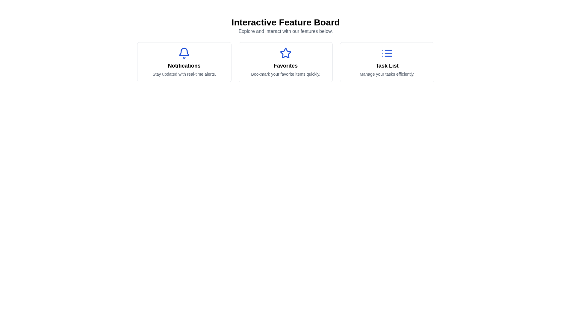 The image size is (575, 323). I want to click on the text block displaying 'Explore and interact with our features below.' which is located beneath the heading 'Interactive Feature Board', so click(285, 31).